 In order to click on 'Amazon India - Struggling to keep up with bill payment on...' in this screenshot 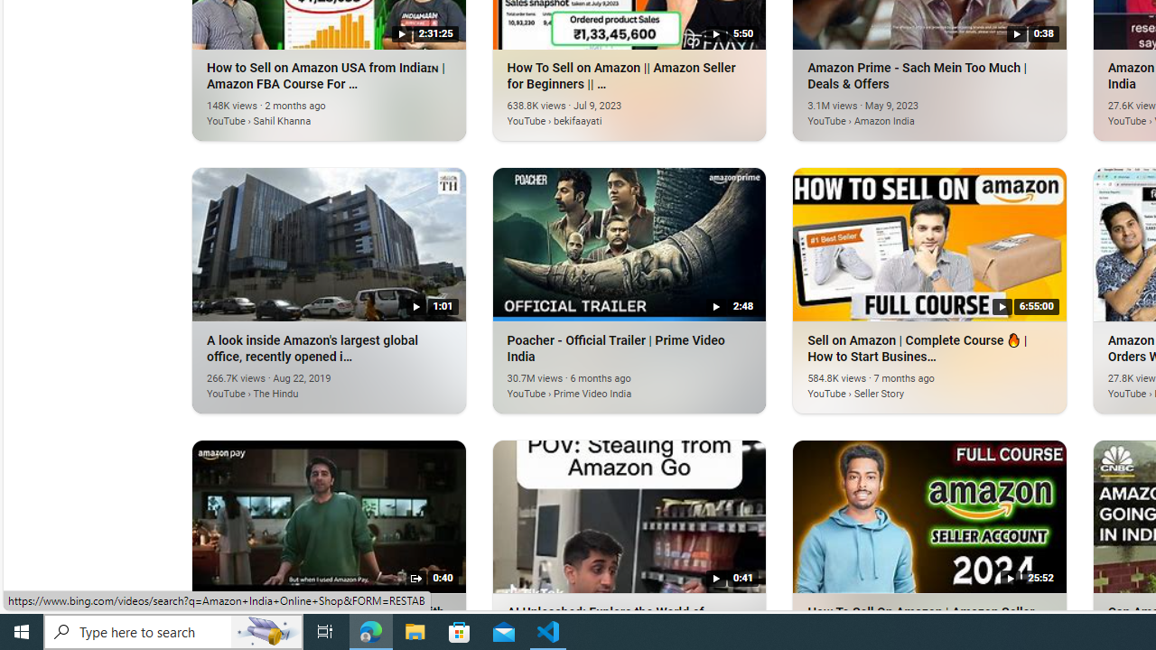, I will do `click(329, 515)`.